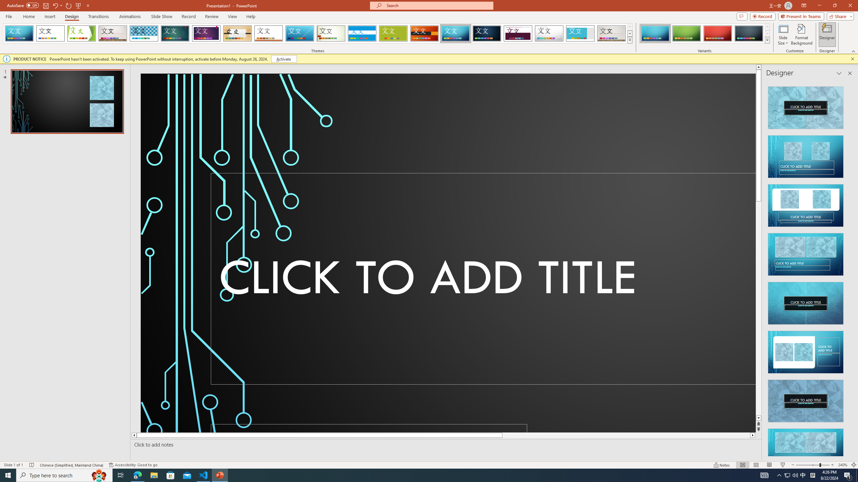  Describe the element at coordinates (854, 51) in the screenshot. I see `'Collapse the Ribbon'` at that location.